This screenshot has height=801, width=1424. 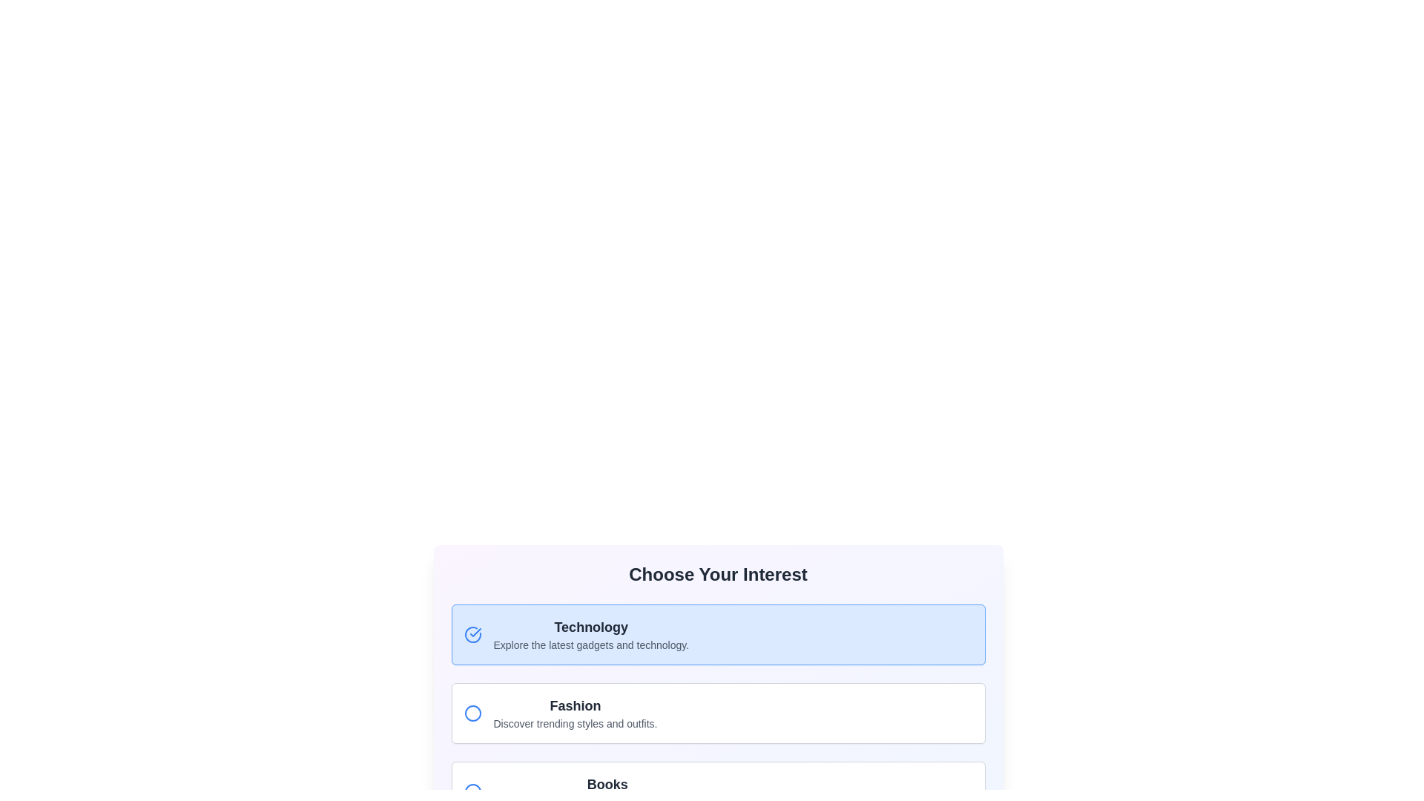 What do you see at coordinates (718, 712) in the screenshot?
I see `the card that introduces the 'Fashion' category, which is the second item in the grid layout` at bounding box center [718, 712].